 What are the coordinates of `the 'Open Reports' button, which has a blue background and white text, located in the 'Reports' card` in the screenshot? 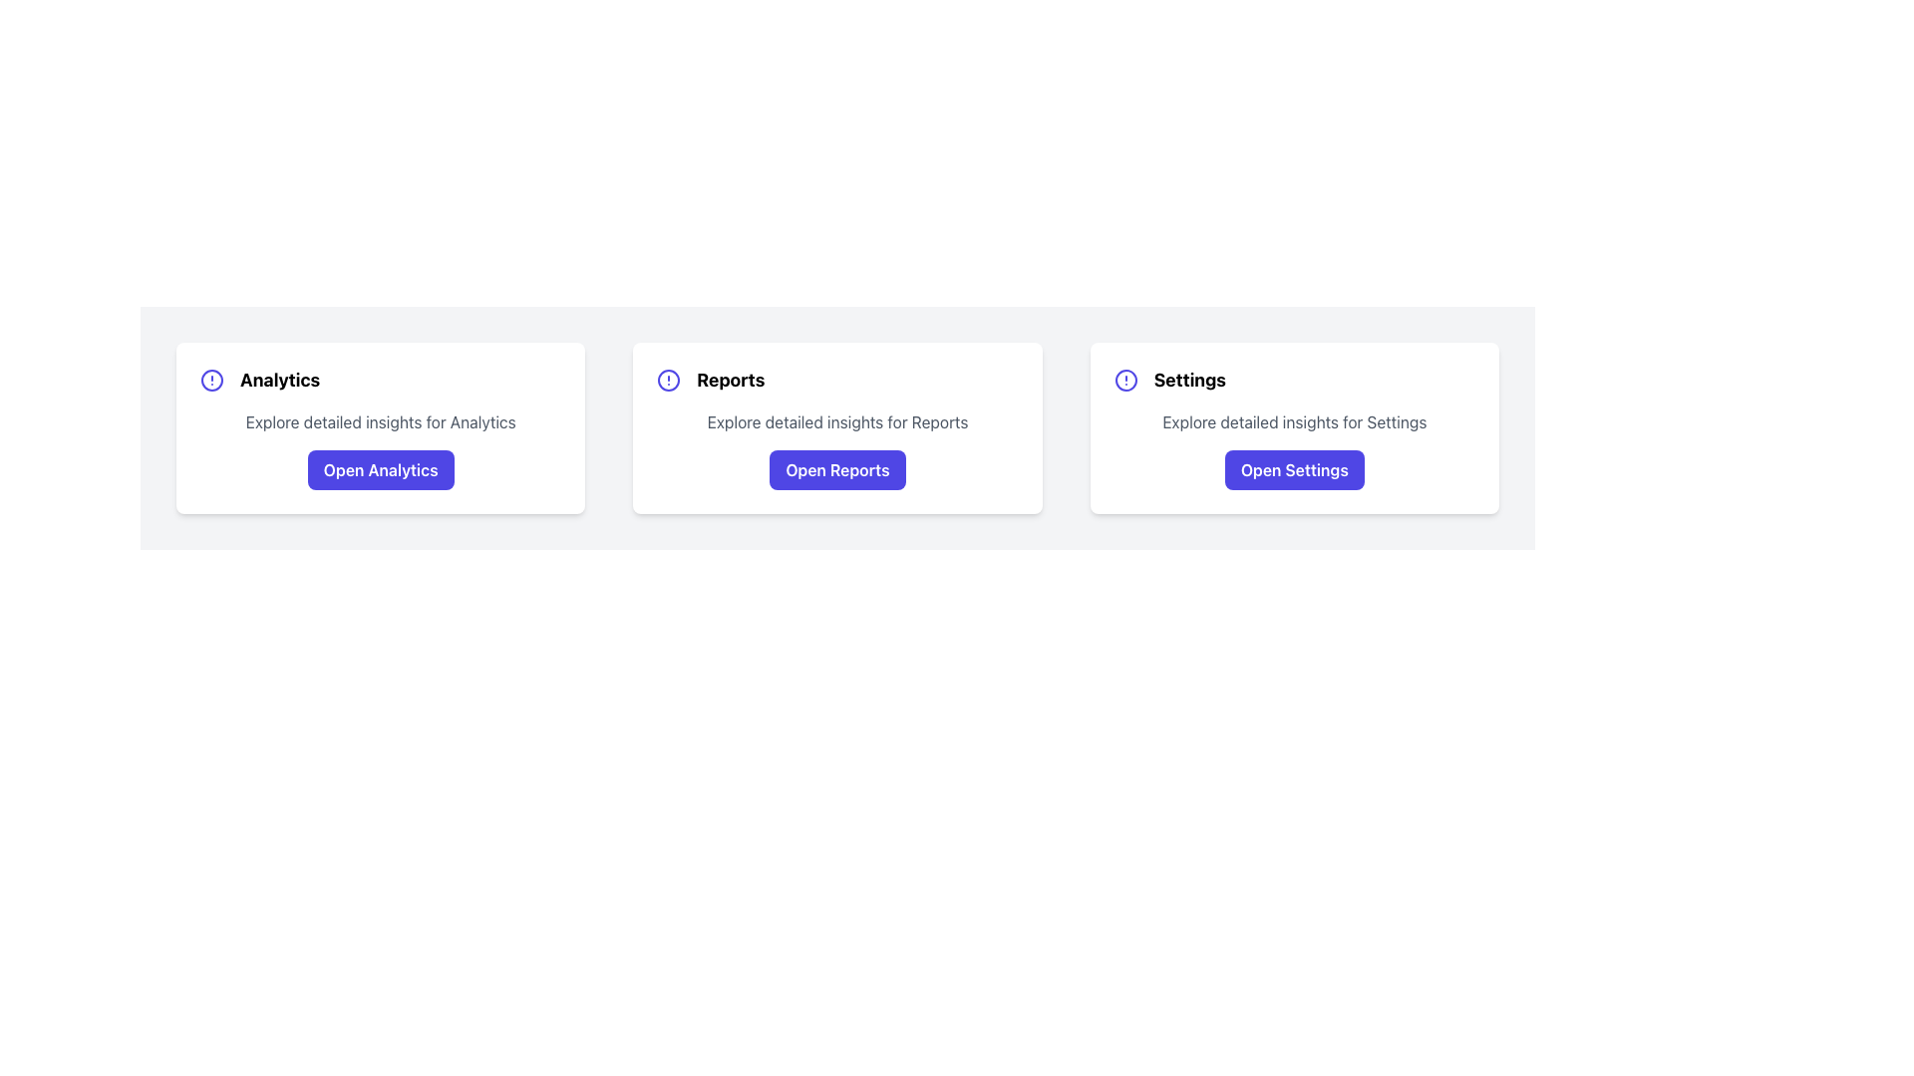 It's located at (837, 469).